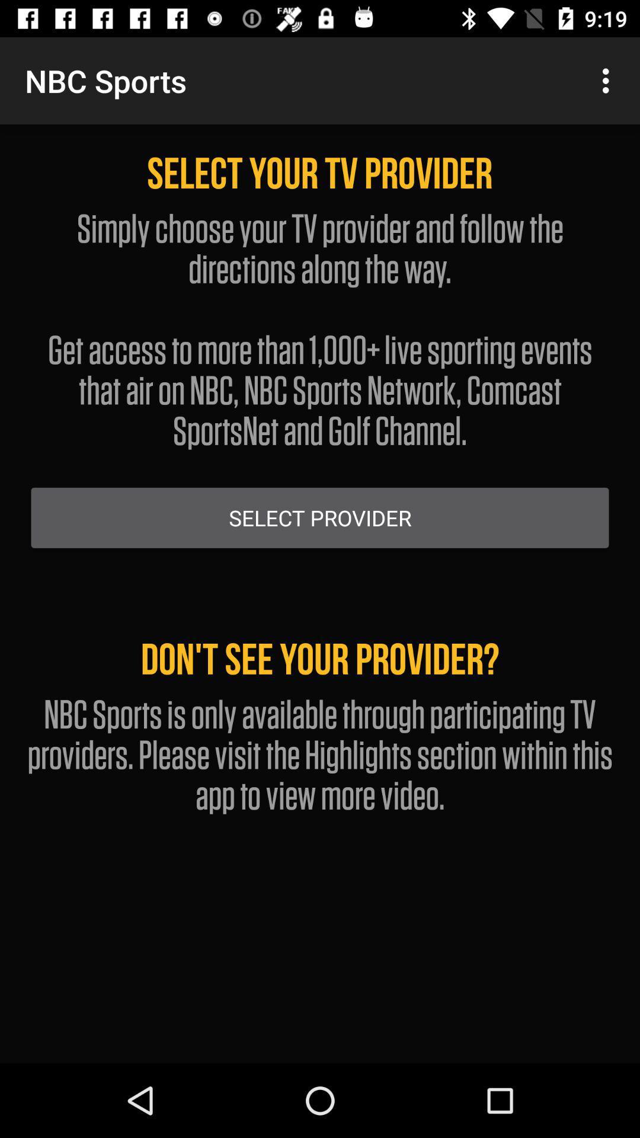 This screenshot has height=1138, width=640. I want to click on the icon to the right of the nbc sports icon, so click(609, 80).